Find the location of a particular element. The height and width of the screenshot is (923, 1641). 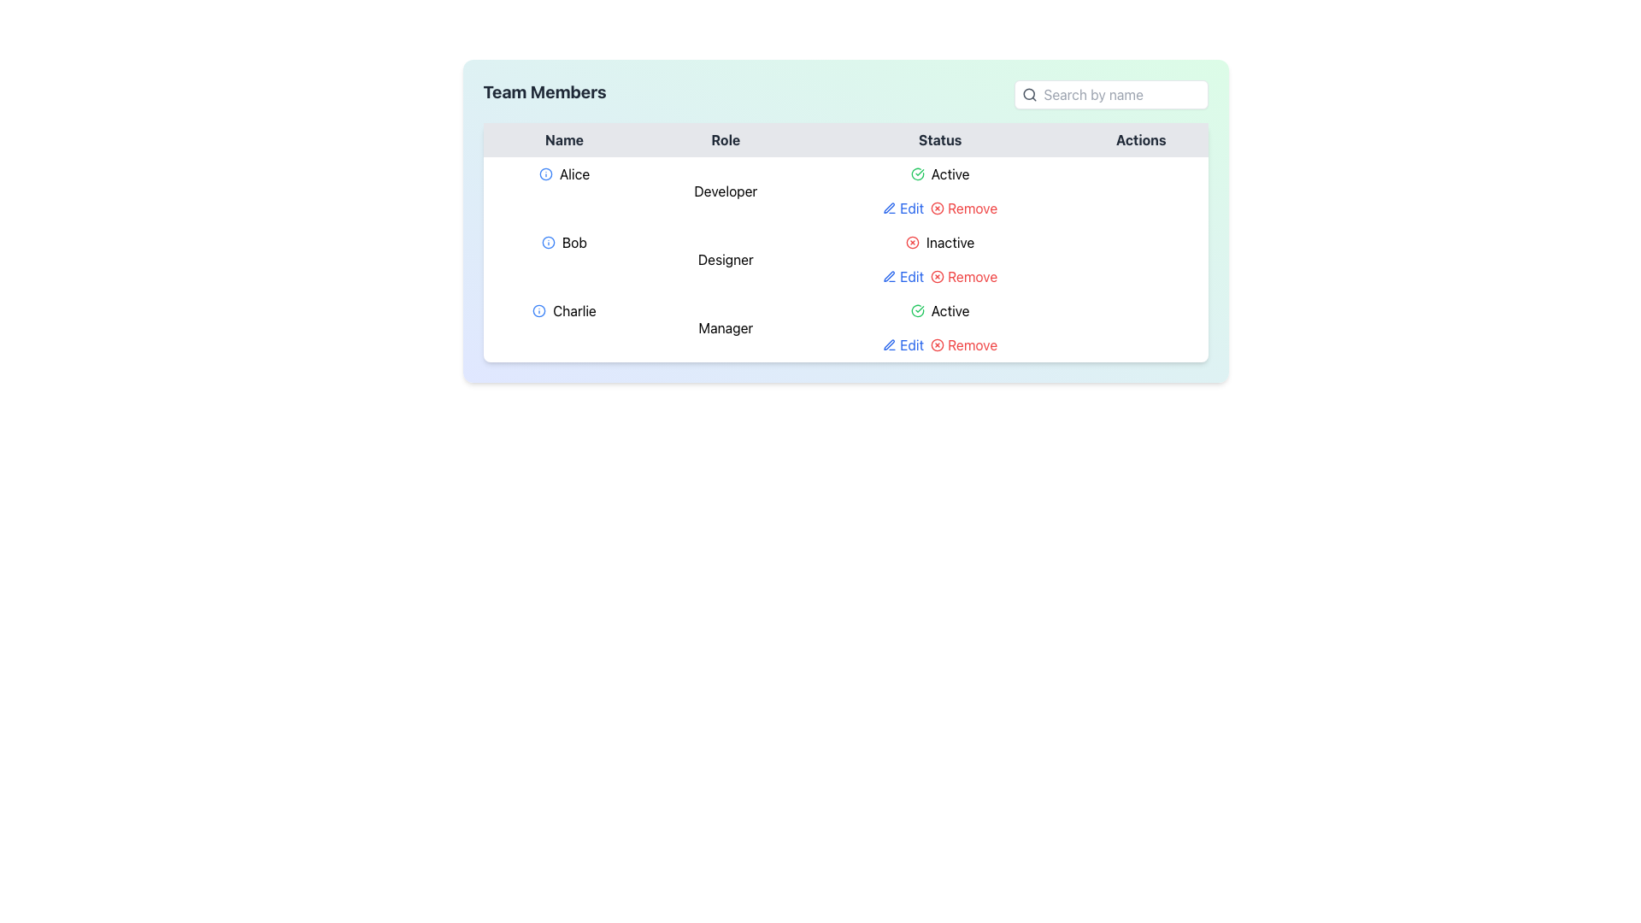

the 'Remove' link in the Actions column for the user 'Alice' is located at coordinates (938, 207).